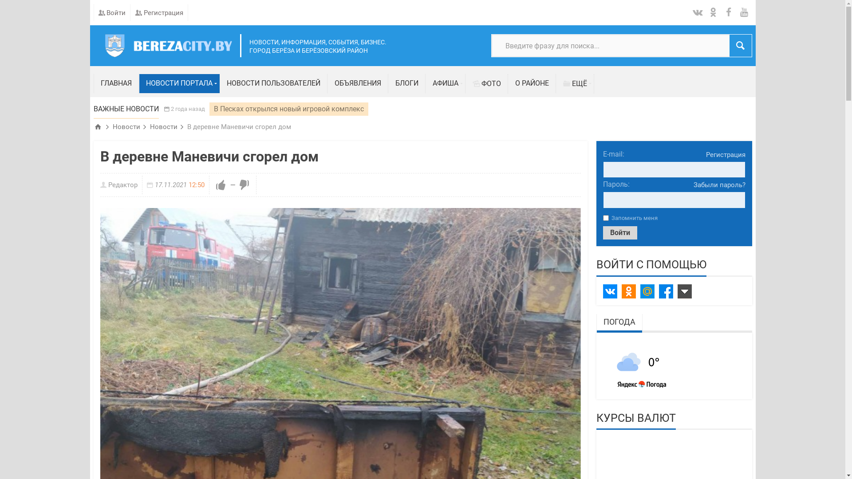 This screenshot has width=852, height=479. Describe the element at coordinates (621, 291) in the screenshot. I see `'Odnoklassniki'` at that location.